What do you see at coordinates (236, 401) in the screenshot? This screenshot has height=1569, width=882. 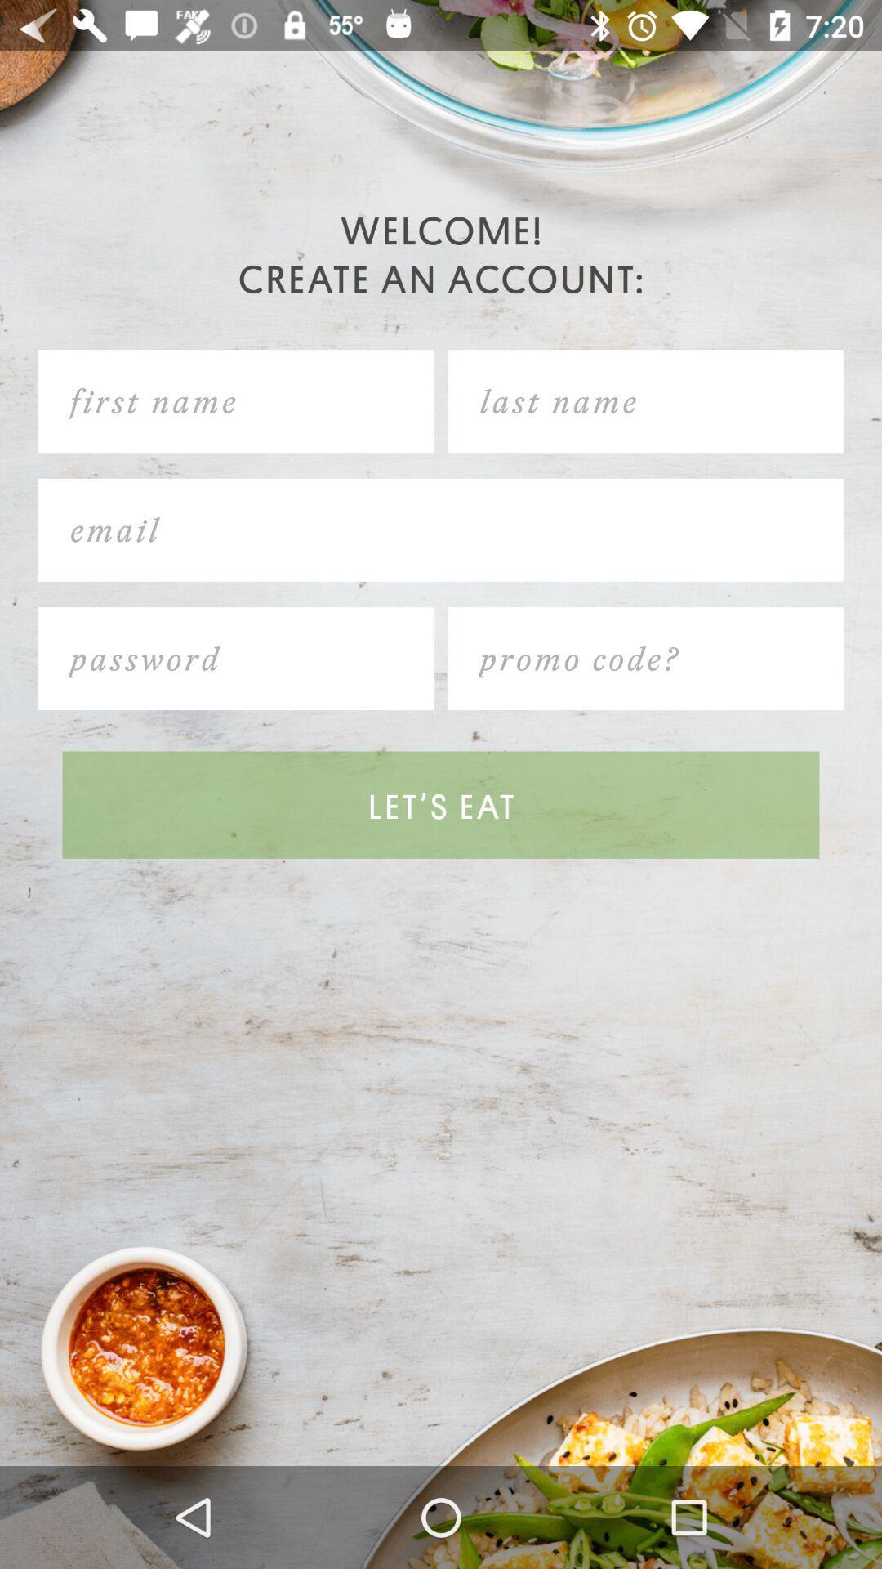 I see `write a first name` at bounding box center [236, 401].